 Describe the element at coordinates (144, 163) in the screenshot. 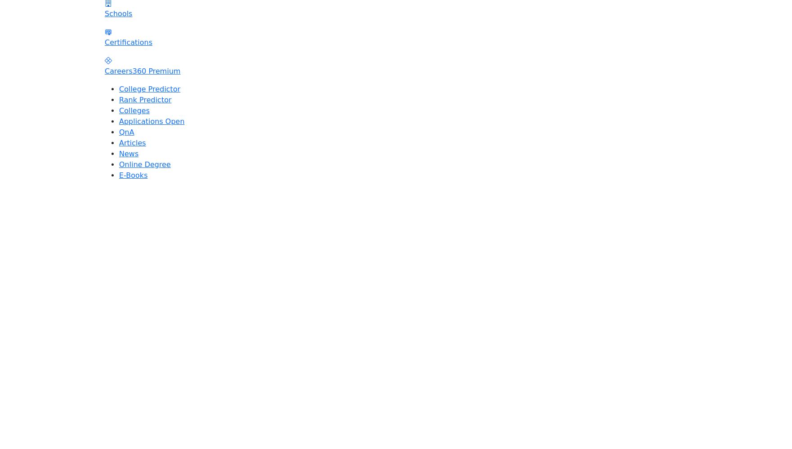

I see `'Online Degree'` at that location.